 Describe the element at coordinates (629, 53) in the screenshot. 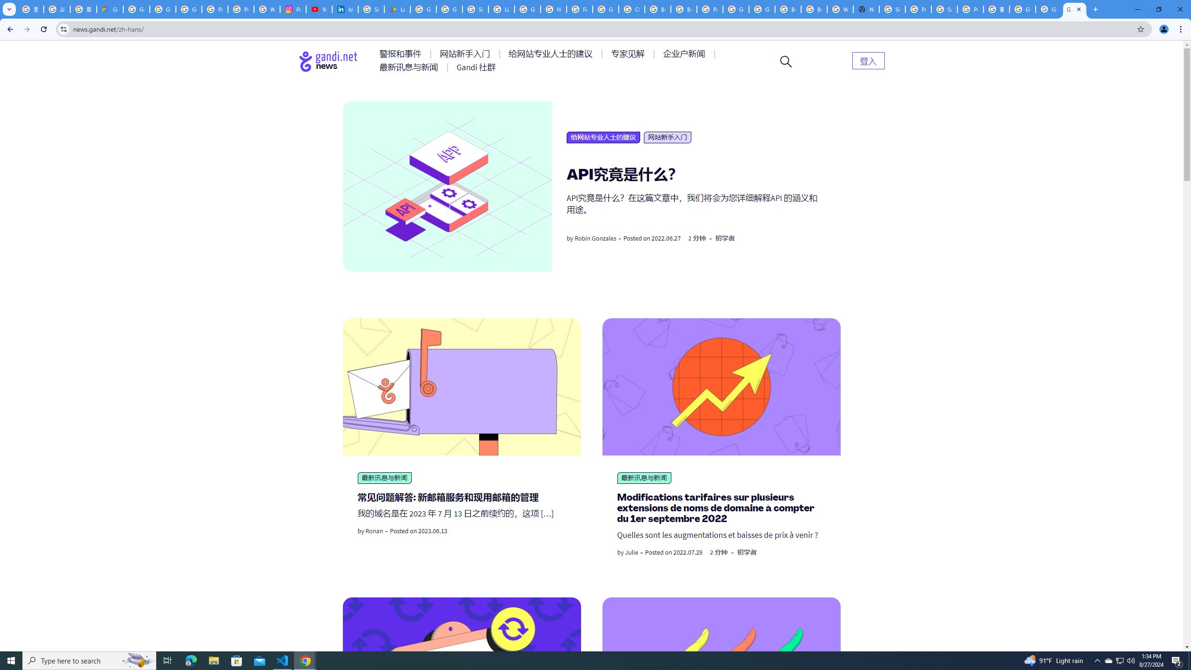

I see `'AutomationID: menu-item-77764'` at that location.